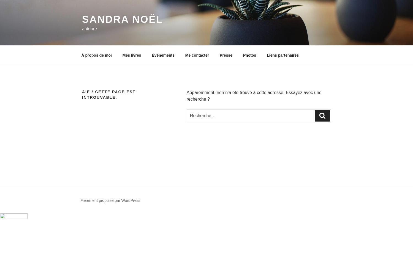 The image size is (413, 275). Describe the element at coordinates (225, 55) in the screenshot. I see `'Presse'` at that location.